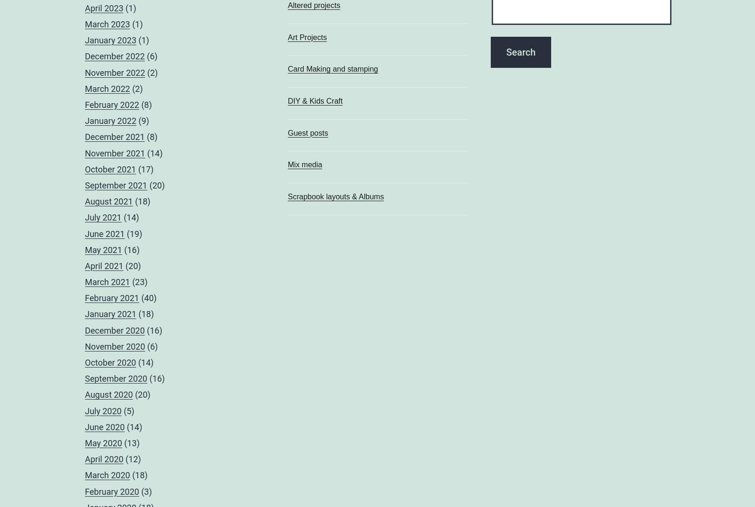 The width and height of the screenshot is (755, 507). Describe the element at coordinates (105, 233) in the screenshot. I see `'June 2021'` at that location.